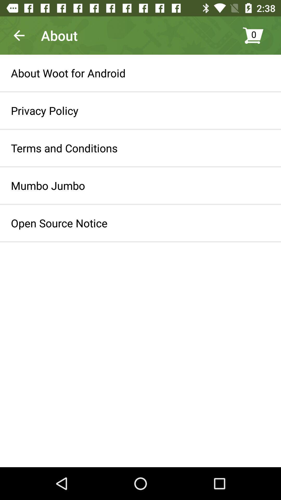 The height and width of the screenshot is (500, 281). What do you see at coordinates (44, 110) in the screenshot?
I see `the item below the about woot for` at bounding box center [44, 110].